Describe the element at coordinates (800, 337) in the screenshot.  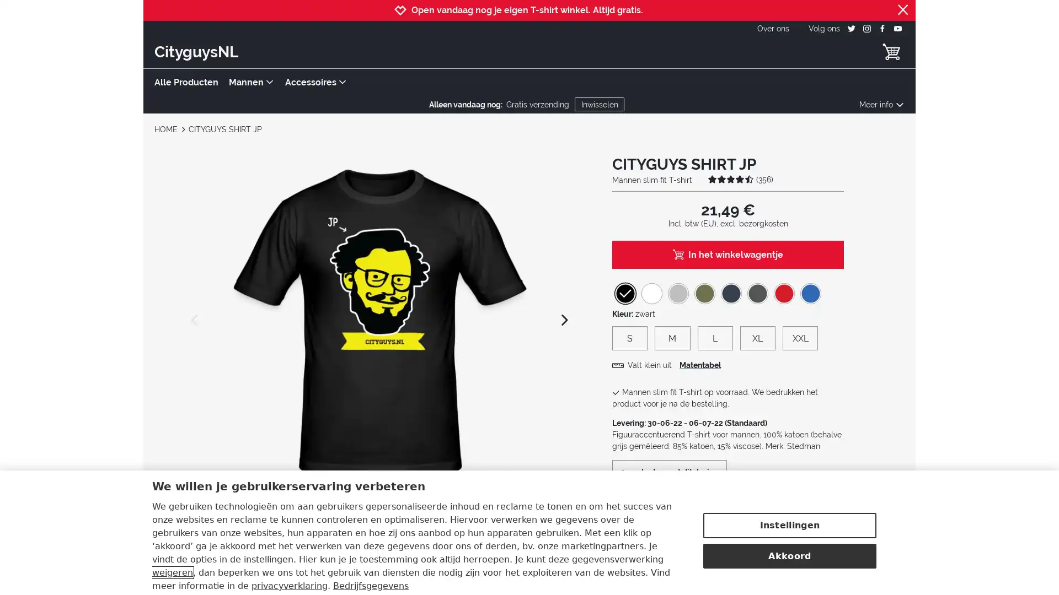
I see `XXL` at that location.